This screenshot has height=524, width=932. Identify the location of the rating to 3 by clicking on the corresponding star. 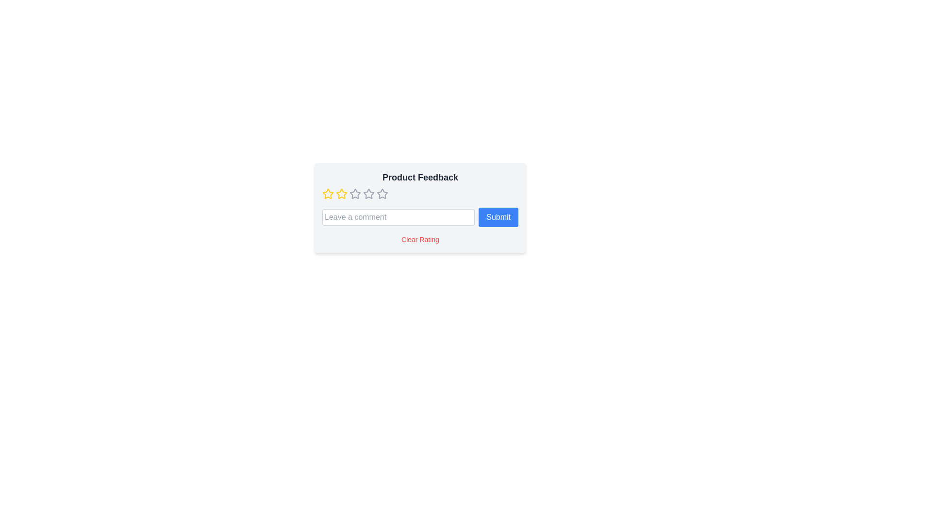
(354, 194).